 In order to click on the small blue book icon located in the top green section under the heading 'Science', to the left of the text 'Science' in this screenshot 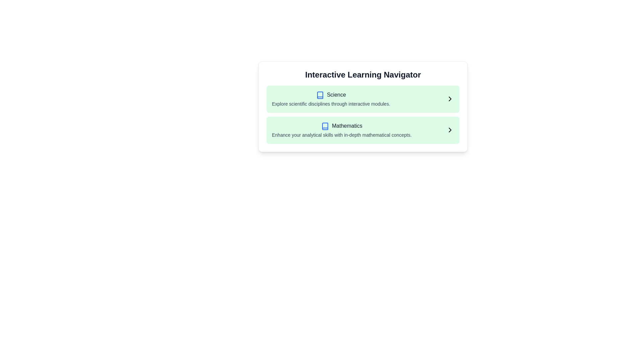, I will do `click(320, 95)`.